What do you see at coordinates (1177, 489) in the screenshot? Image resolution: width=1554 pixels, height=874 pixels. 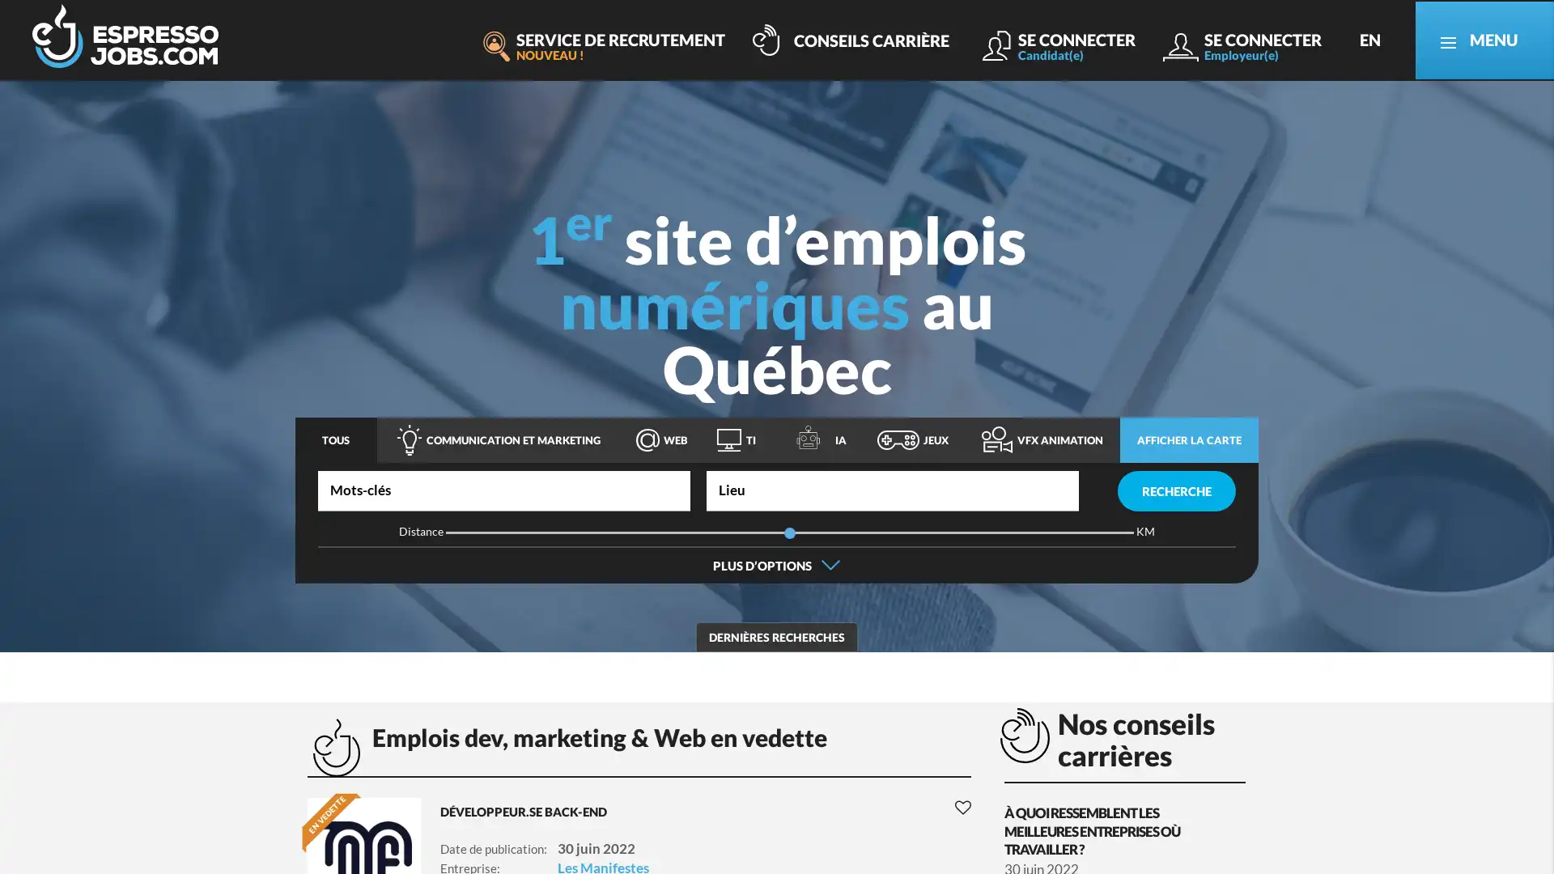 I see `RECHERCHE` at bounding box center [1177, 489].